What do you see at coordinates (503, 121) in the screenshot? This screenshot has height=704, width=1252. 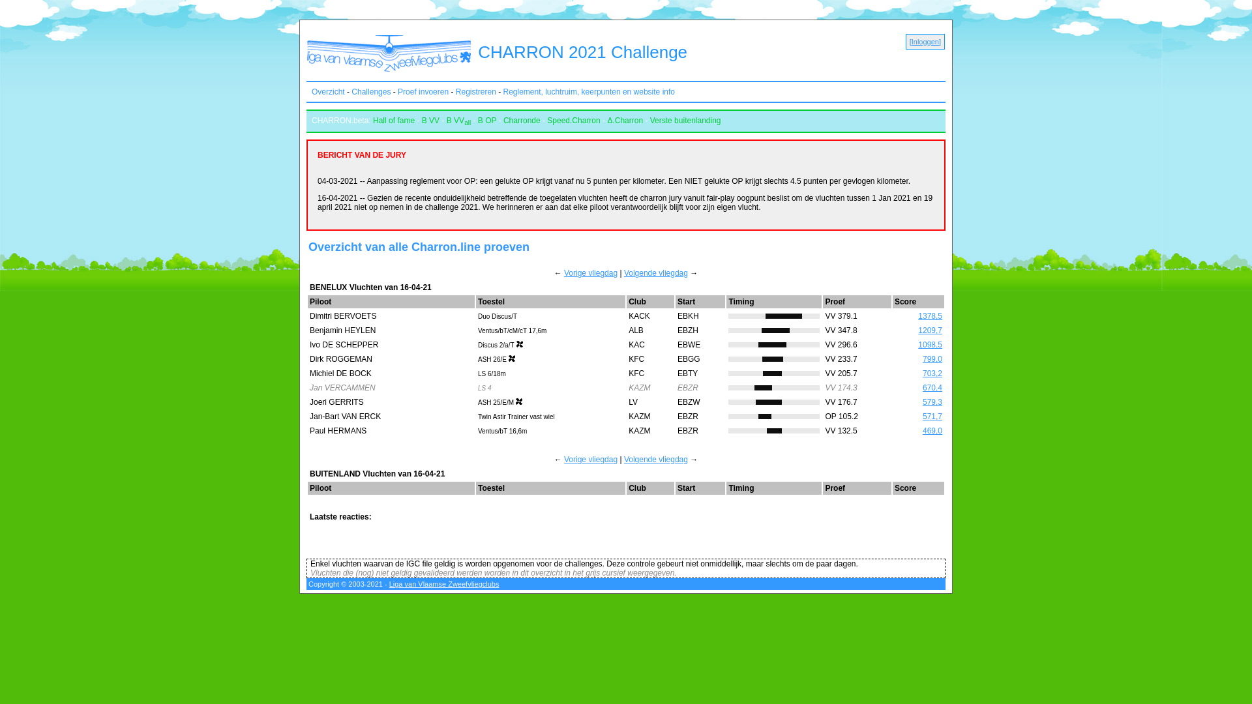 I see `'Charronde'` at bounding box center [503, 121].